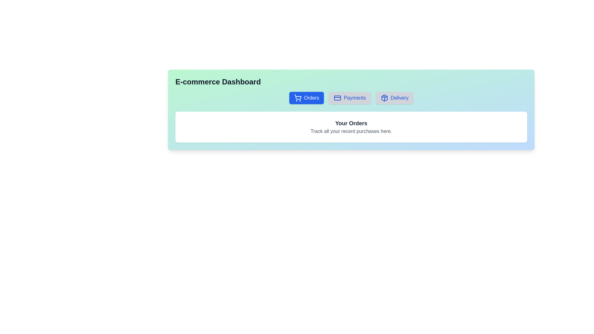  Describe the element at coordinates (298, 97) in the screenshot. I see `the shopping cart icon within the 'Orders' button in the header area of the interface` at that location.